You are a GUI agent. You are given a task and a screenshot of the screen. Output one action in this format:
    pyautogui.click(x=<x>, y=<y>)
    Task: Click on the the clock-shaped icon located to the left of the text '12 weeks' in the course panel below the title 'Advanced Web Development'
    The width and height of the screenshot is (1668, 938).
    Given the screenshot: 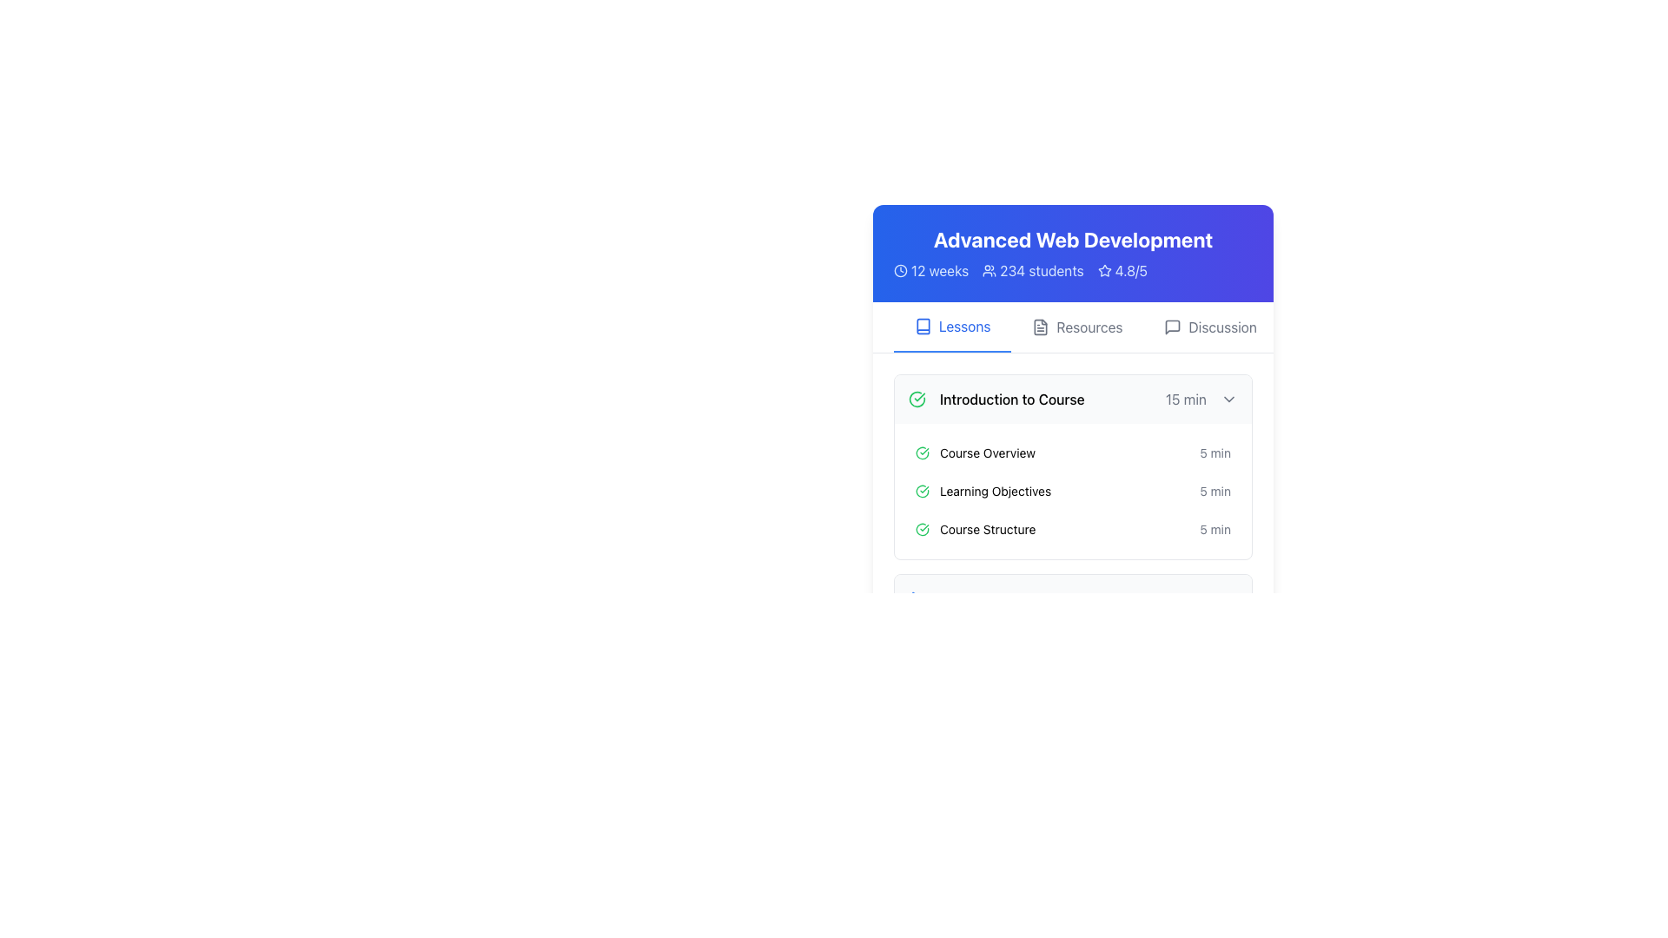 What is the action you would take?
    pyautogui.click(x=900, y=271)
    